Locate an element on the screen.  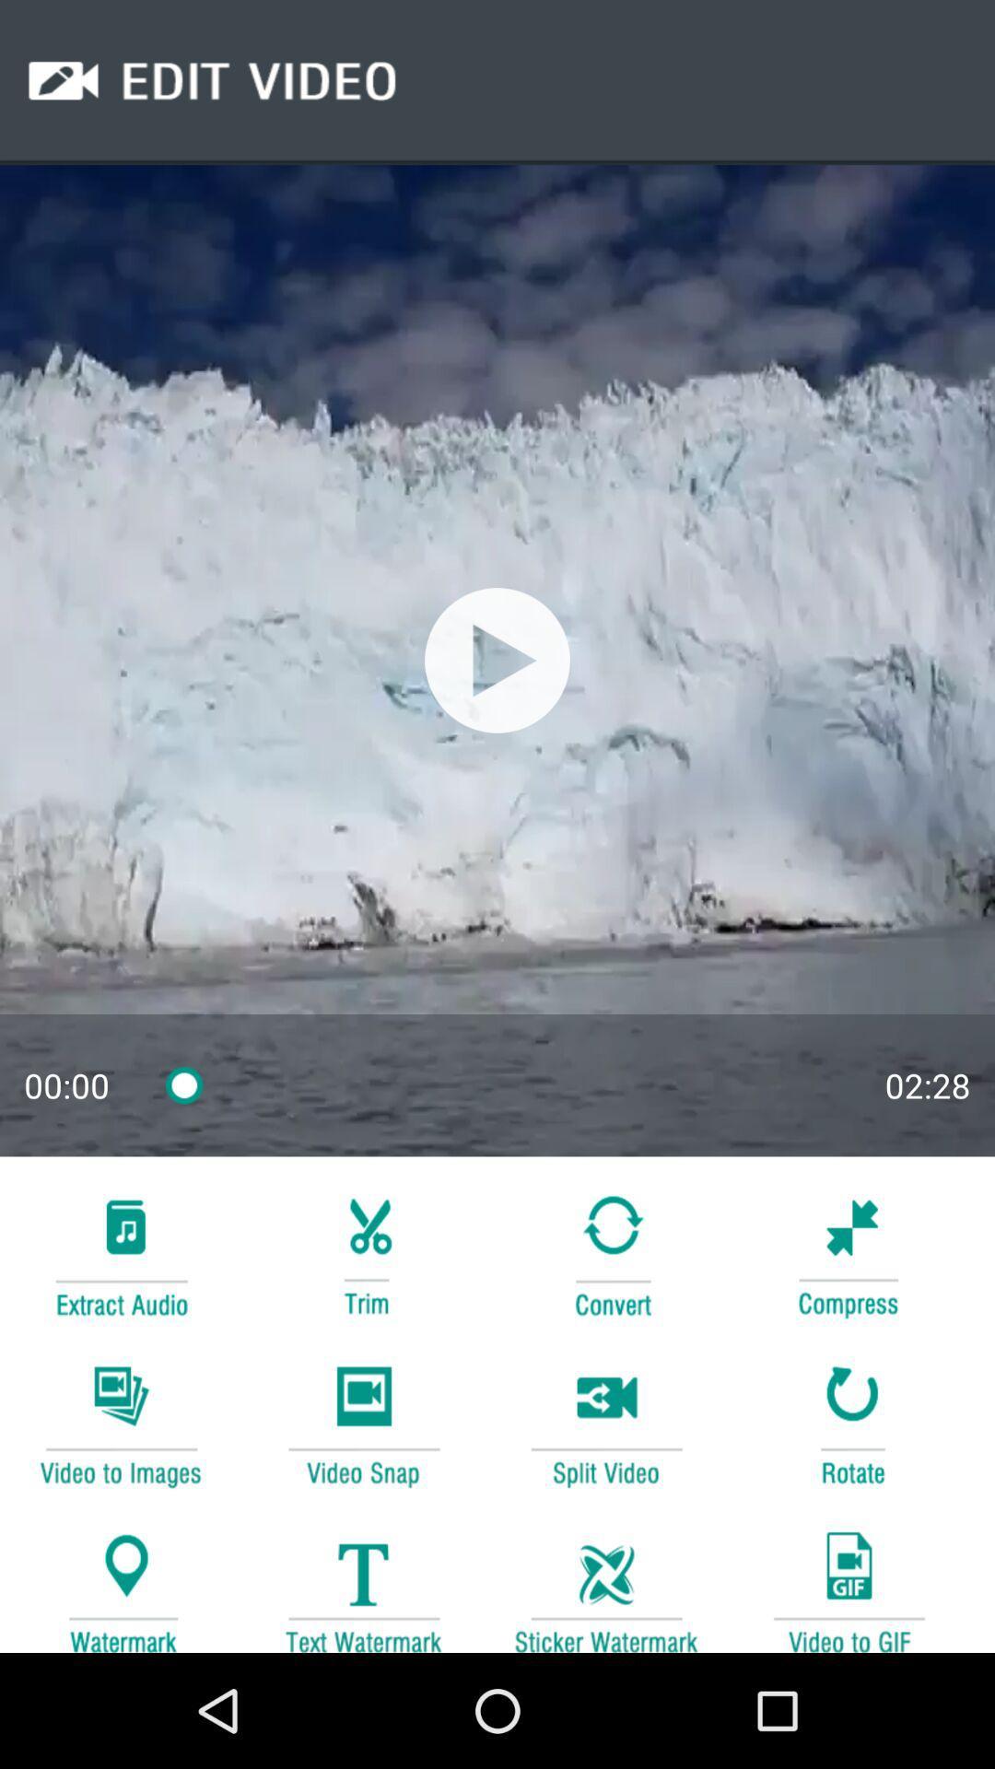
change video to gif is located at coordinates (849, 1582).